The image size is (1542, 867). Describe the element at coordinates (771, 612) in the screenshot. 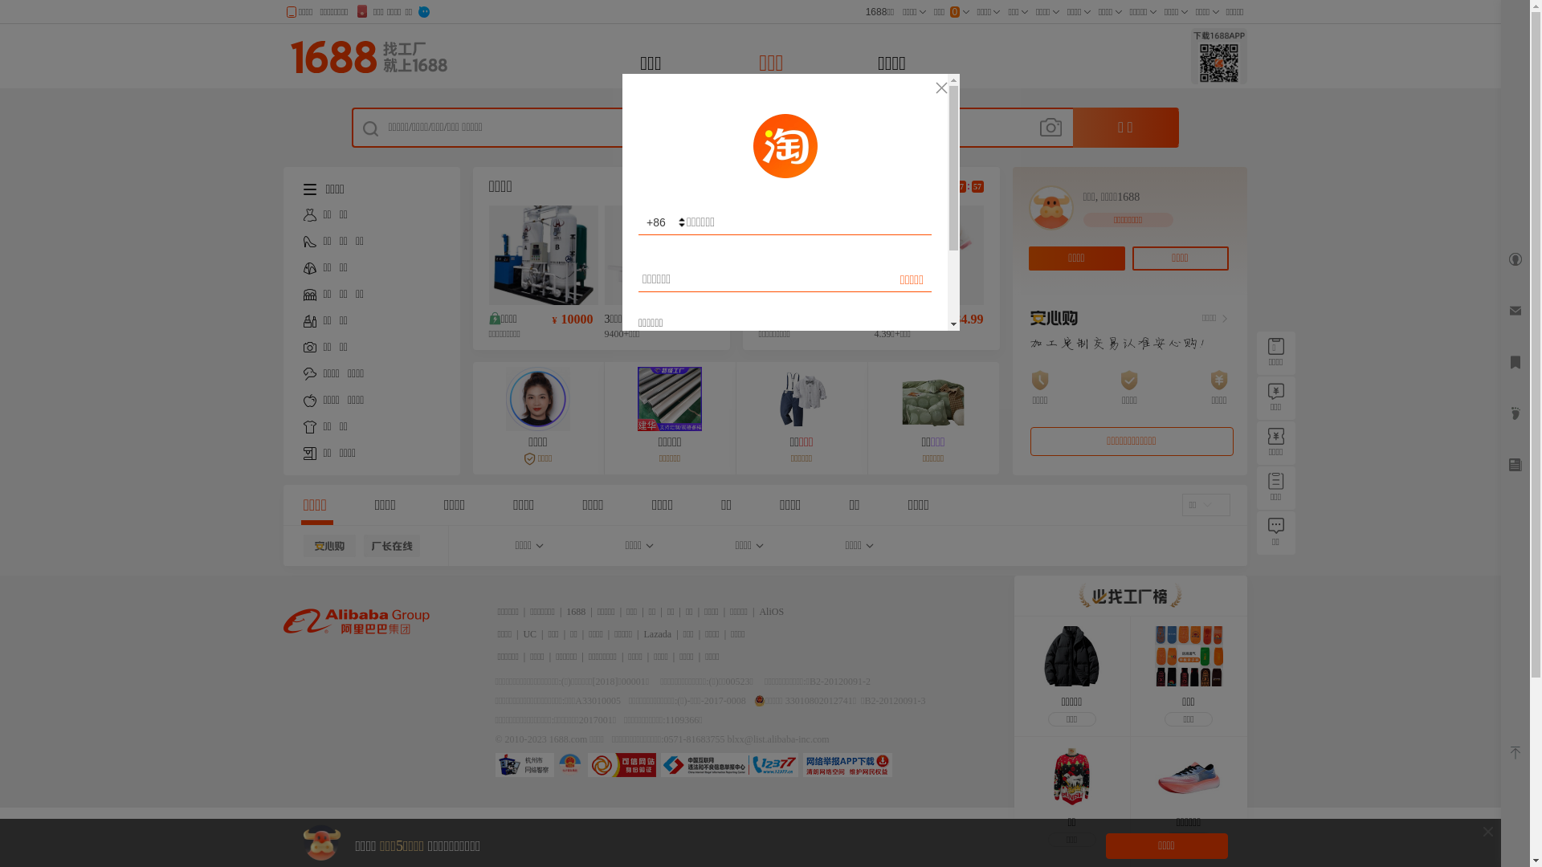

I see `'AliOS'` at that location.